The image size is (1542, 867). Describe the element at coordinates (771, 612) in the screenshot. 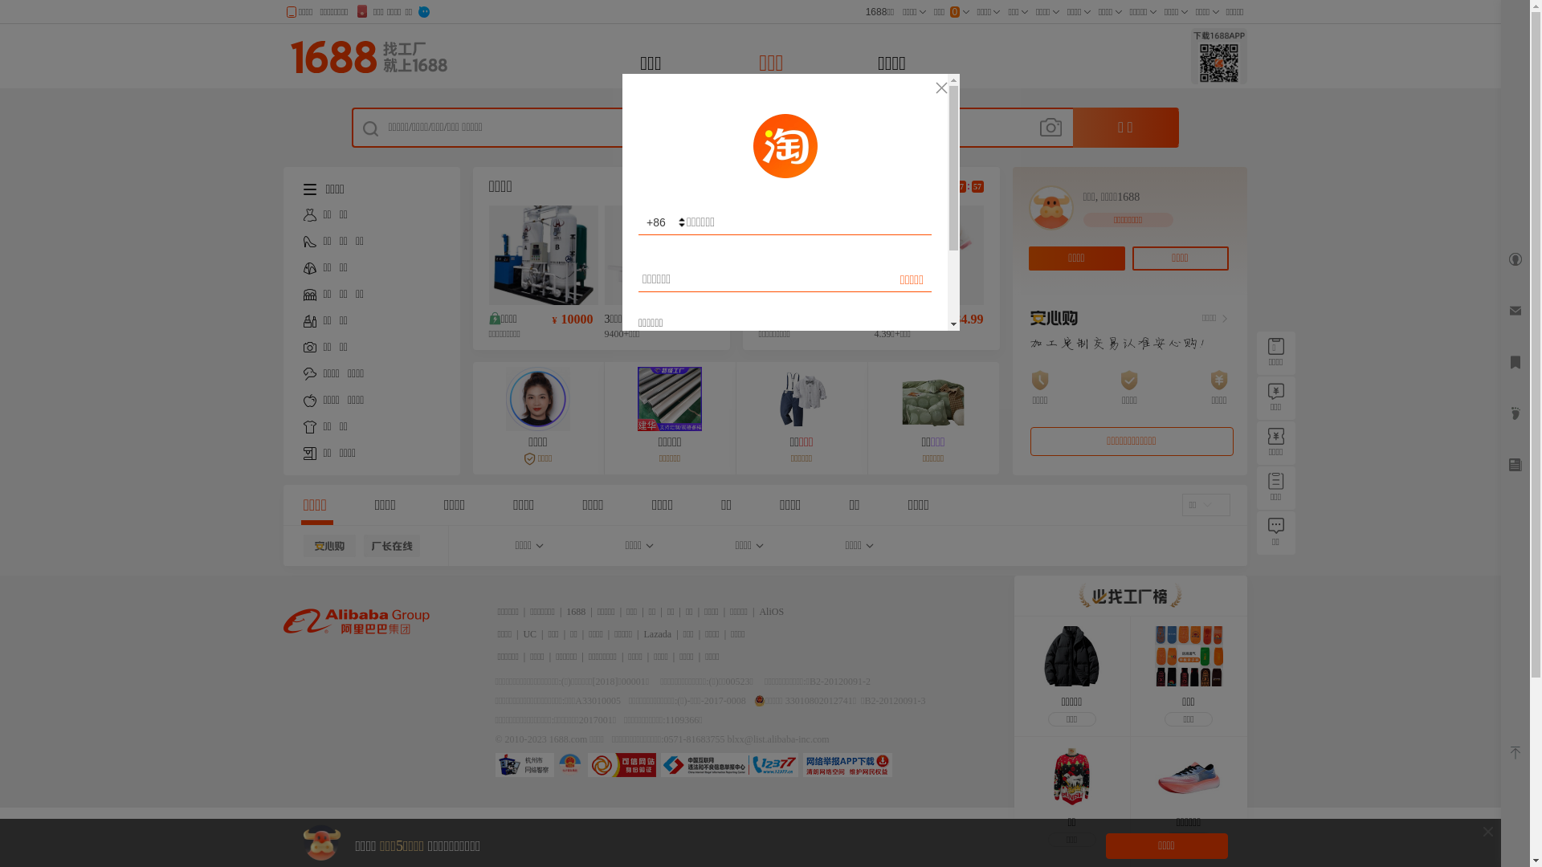

I see `'AliOS'` at that location.